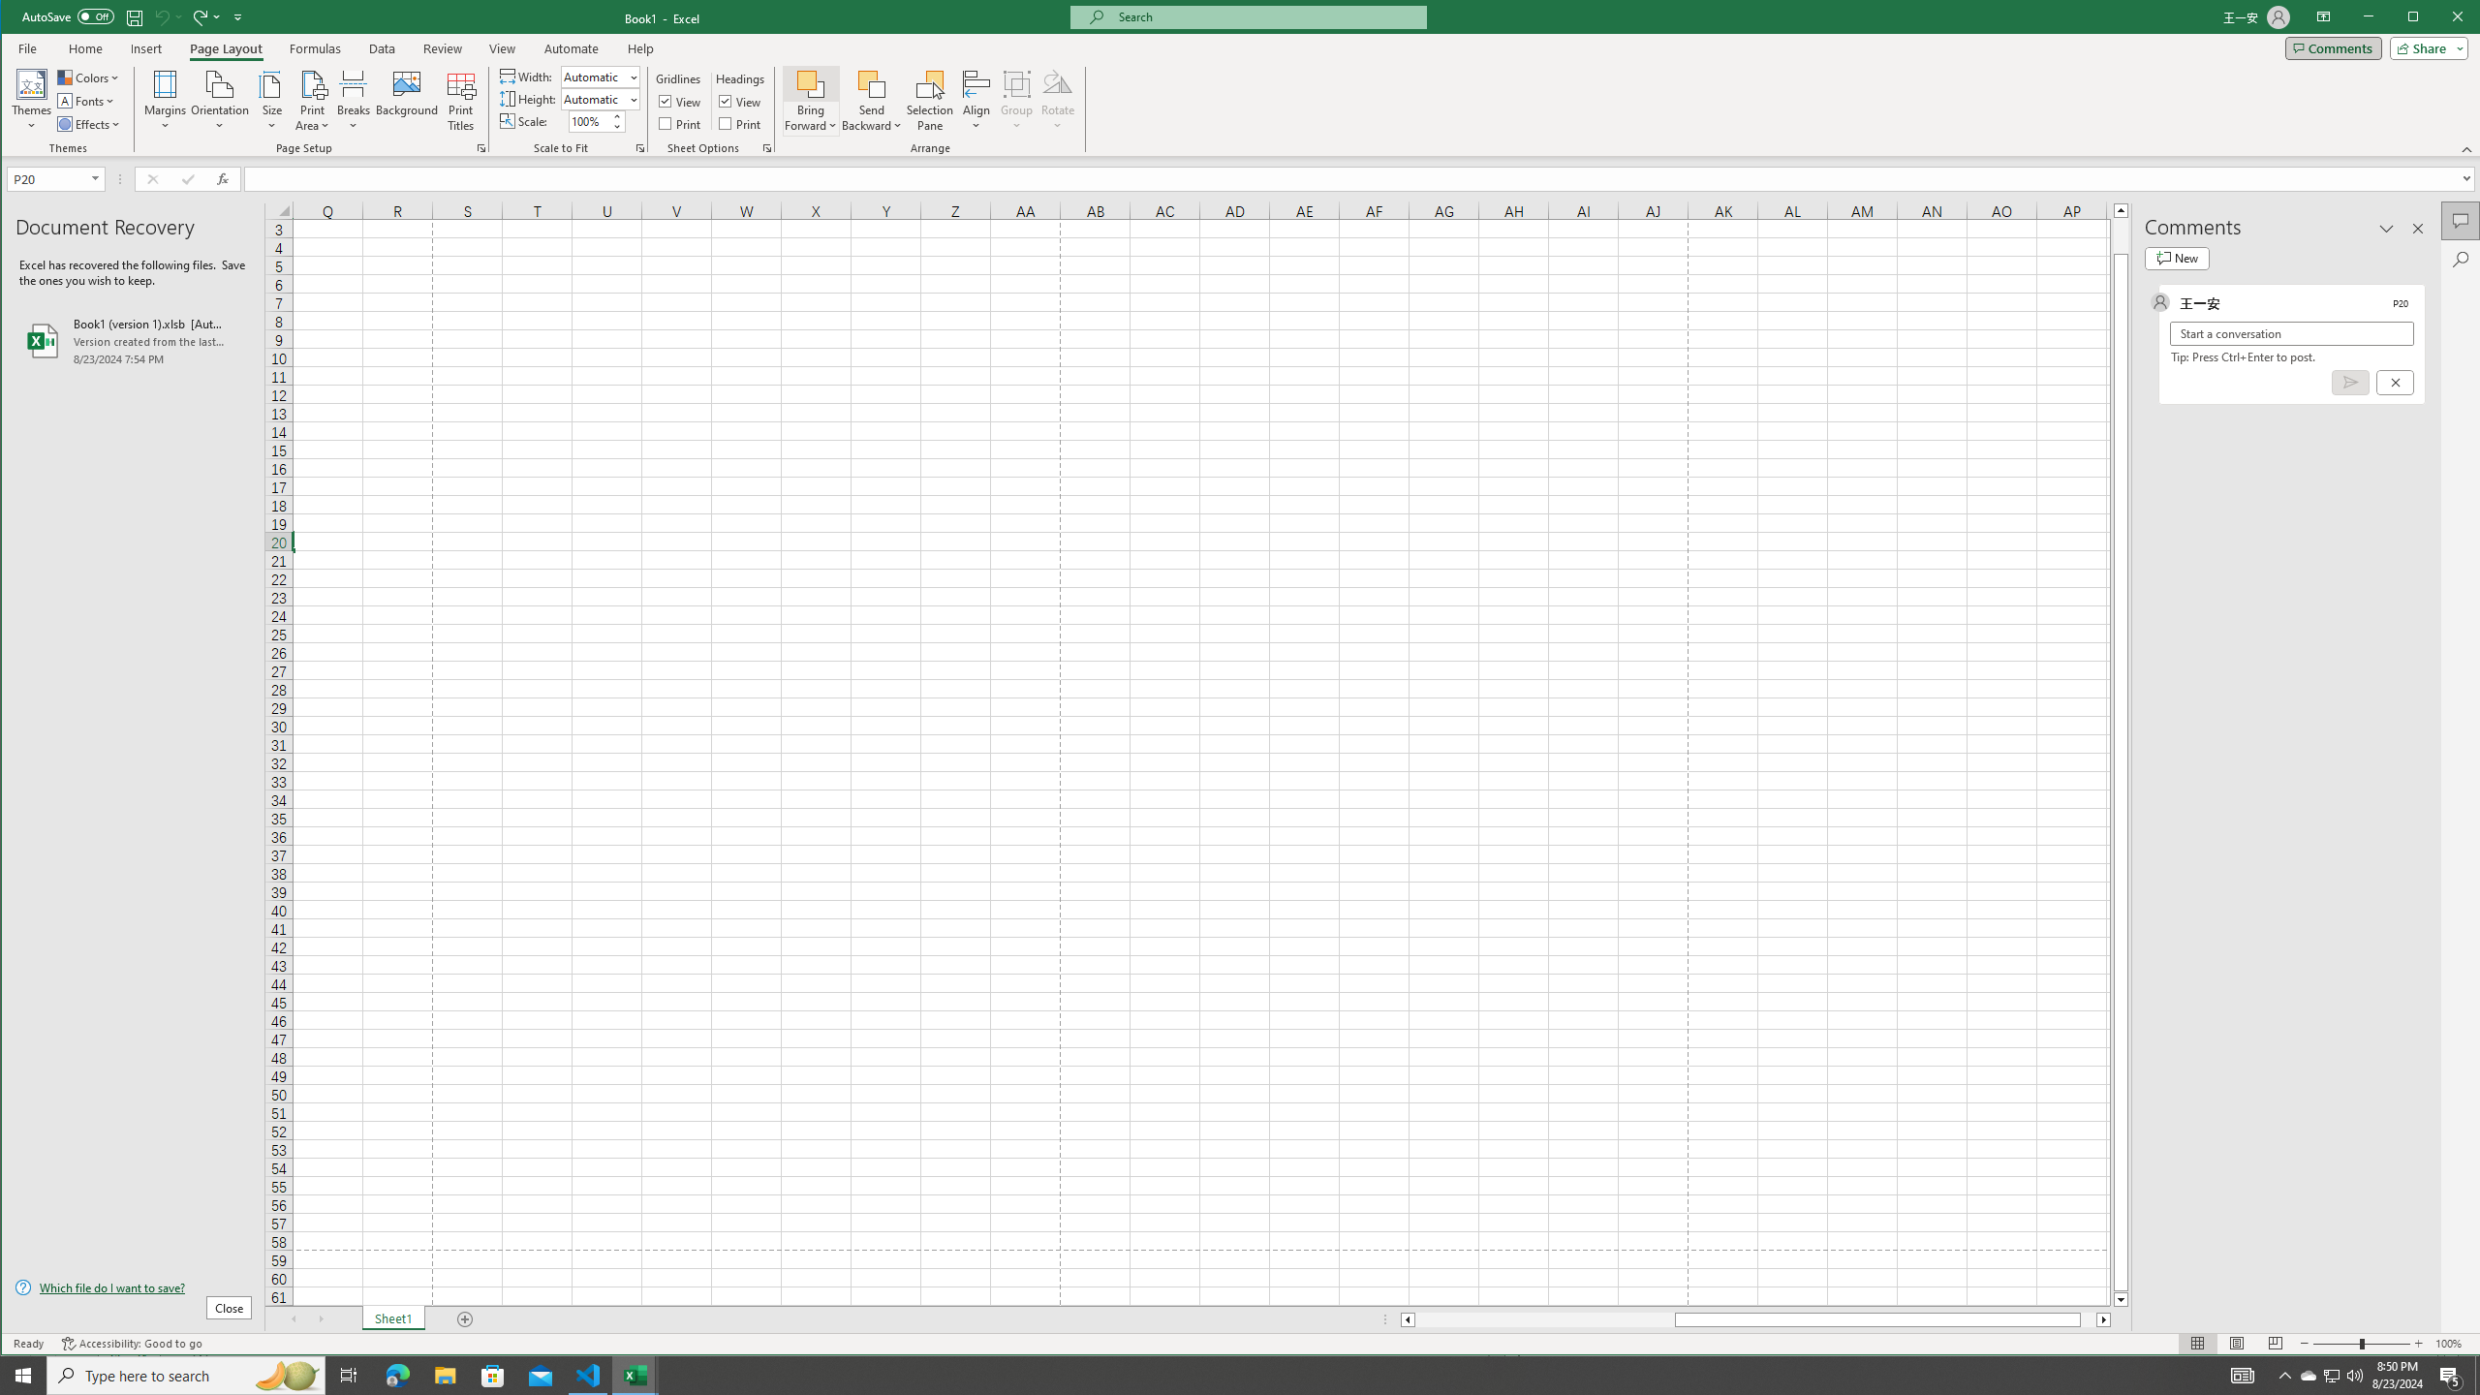 The height and width of the screenshot is (1395, 2480). Describe the element at coordinates (2440, 18) in the screenshot. I see `'Maximize'` at that location.